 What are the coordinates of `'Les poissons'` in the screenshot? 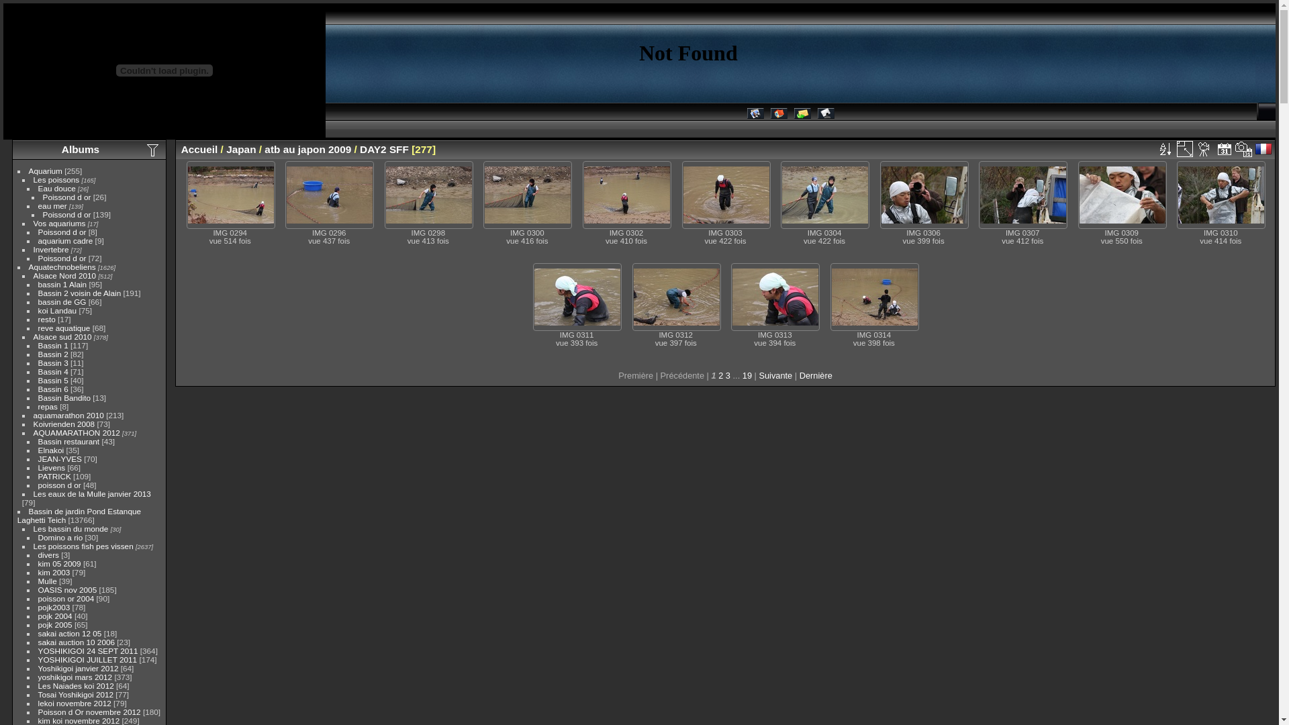 It's located at (56, 179).